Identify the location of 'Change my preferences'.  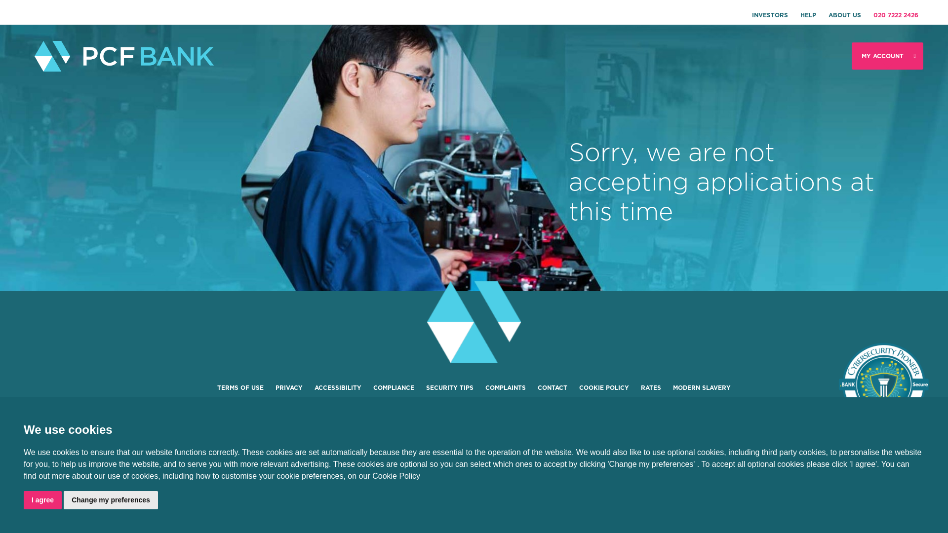
(111, 500).